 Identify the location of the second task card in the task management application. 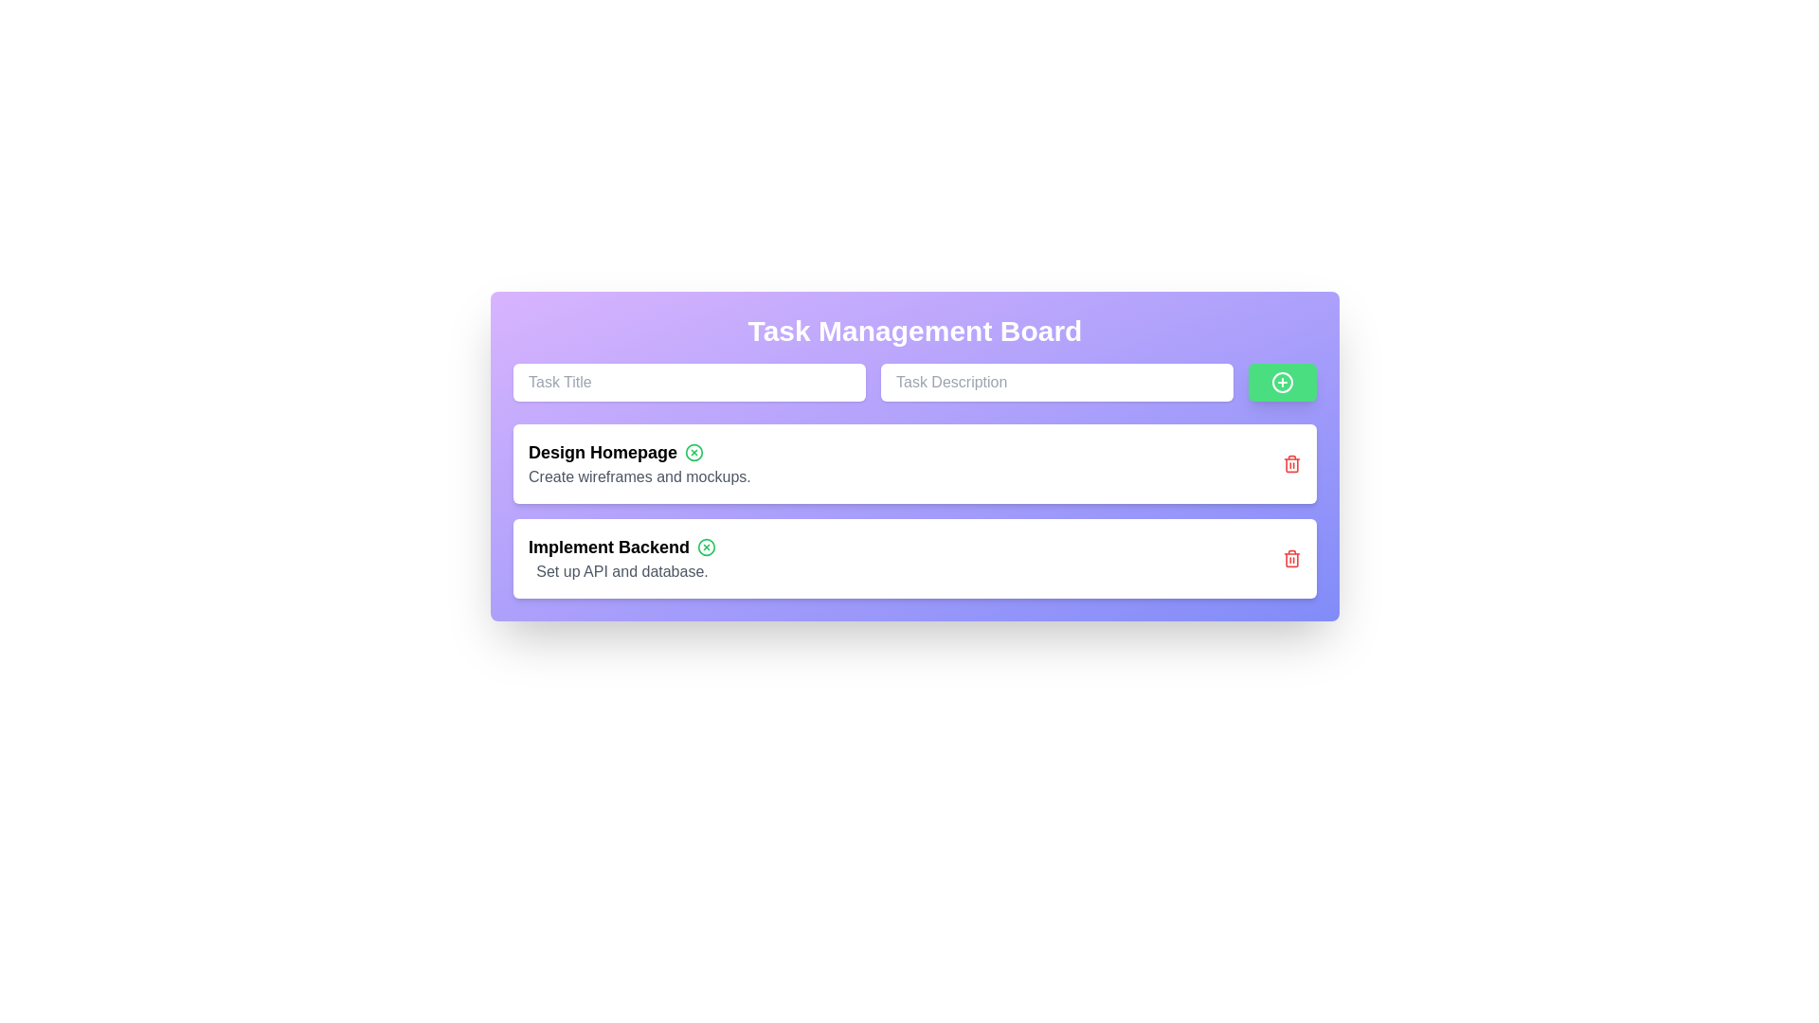
(914, 558).